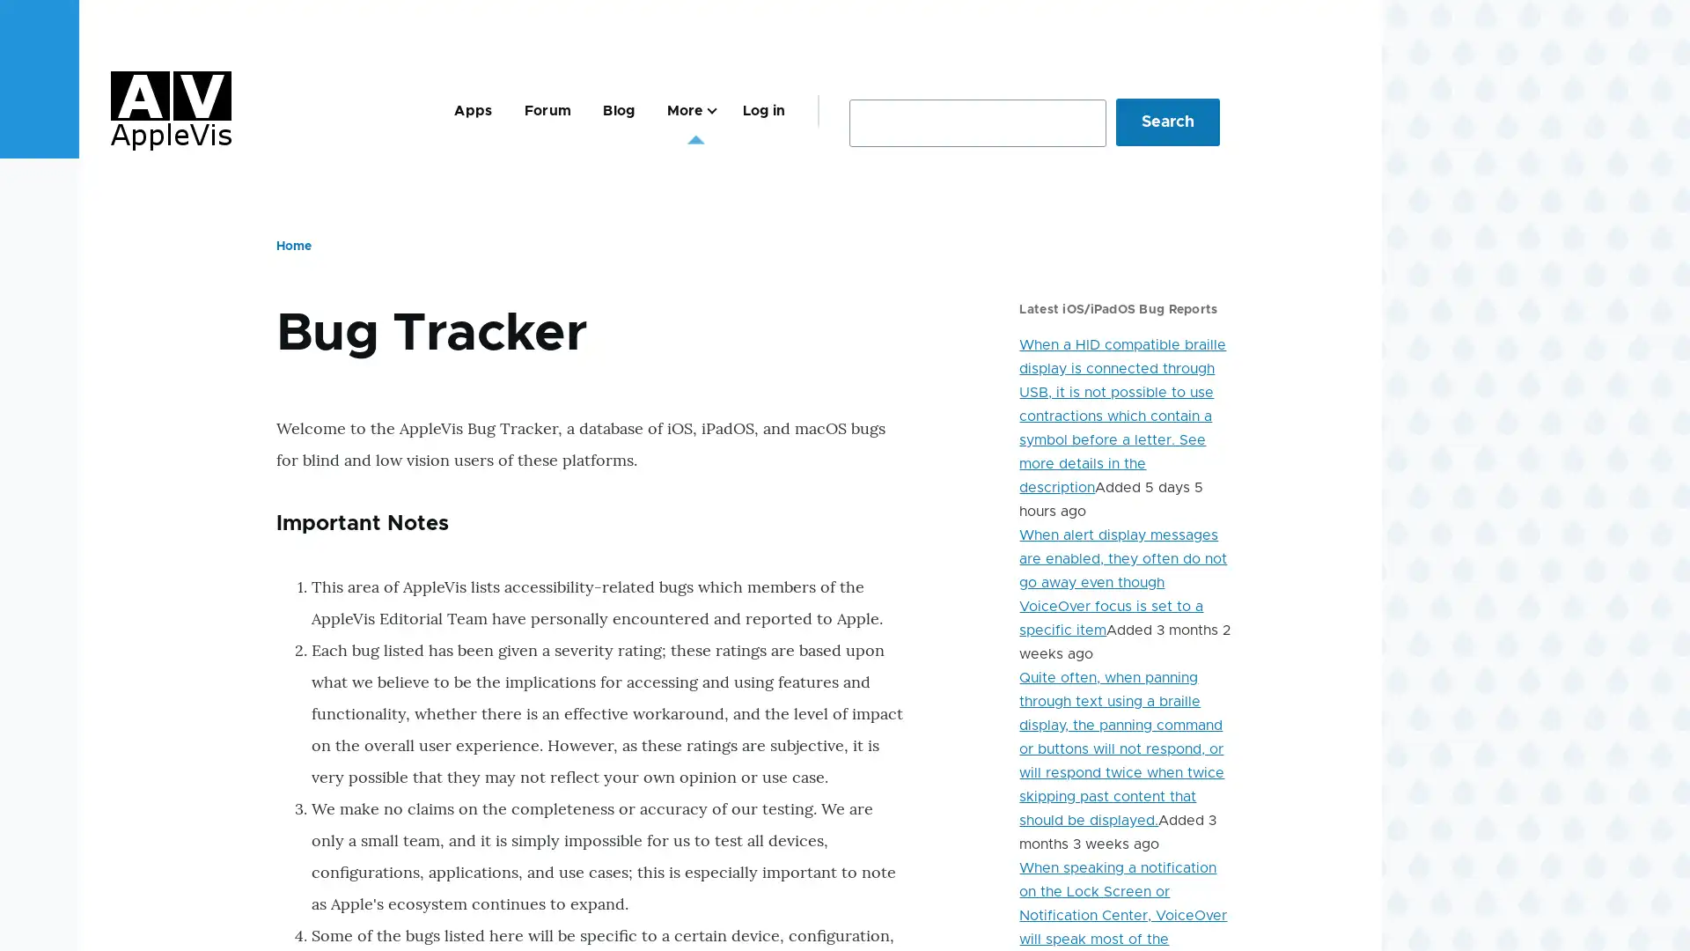 The width and height of the screenshot is (1690, 951). Describe the element at coordinates (1167, 121) in the screenshot. I see `Search` at that location.